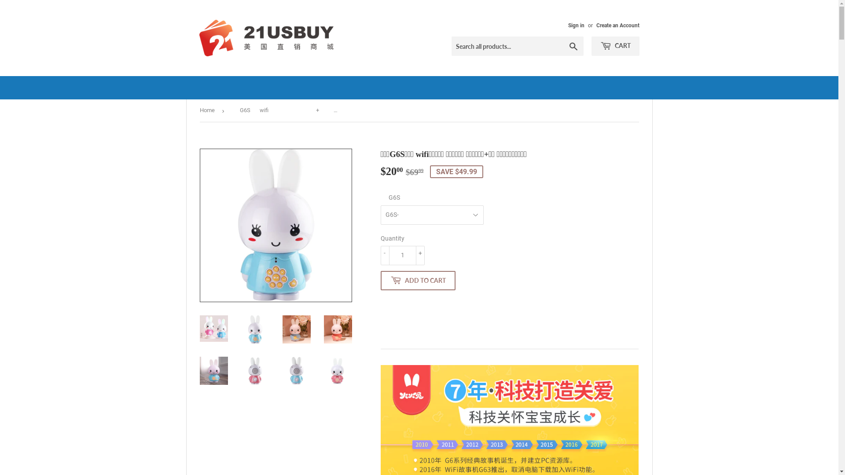  Describe the element at coordinates (568, 25) in the screenshot. I see `'Sign in'` at that location.